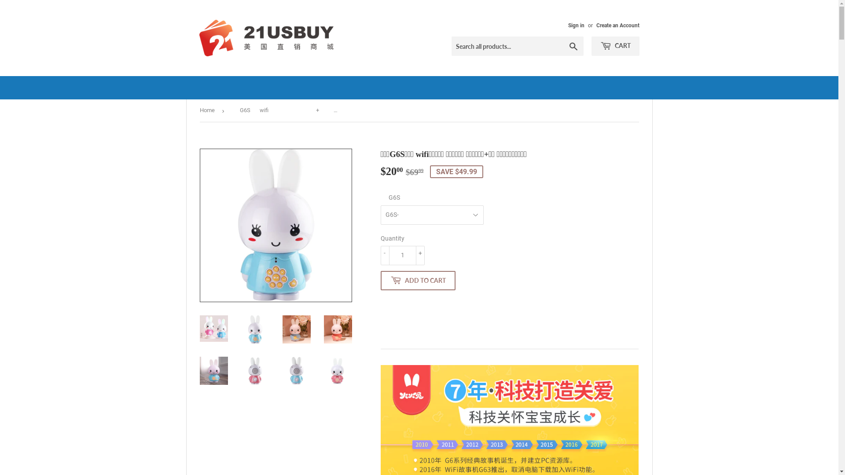  Describe the element at coordinates (568, 25) in the screenshot. I see `'Sign in'` at that location.